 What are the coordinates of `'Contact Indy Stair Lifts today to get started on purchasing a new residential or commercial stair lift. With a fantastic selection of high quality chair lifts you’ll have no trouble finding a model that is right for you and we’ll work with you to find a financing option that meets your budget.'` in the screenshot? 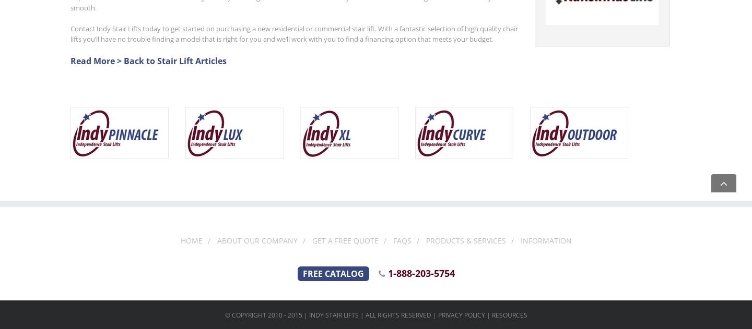 It's located at (294, 33).